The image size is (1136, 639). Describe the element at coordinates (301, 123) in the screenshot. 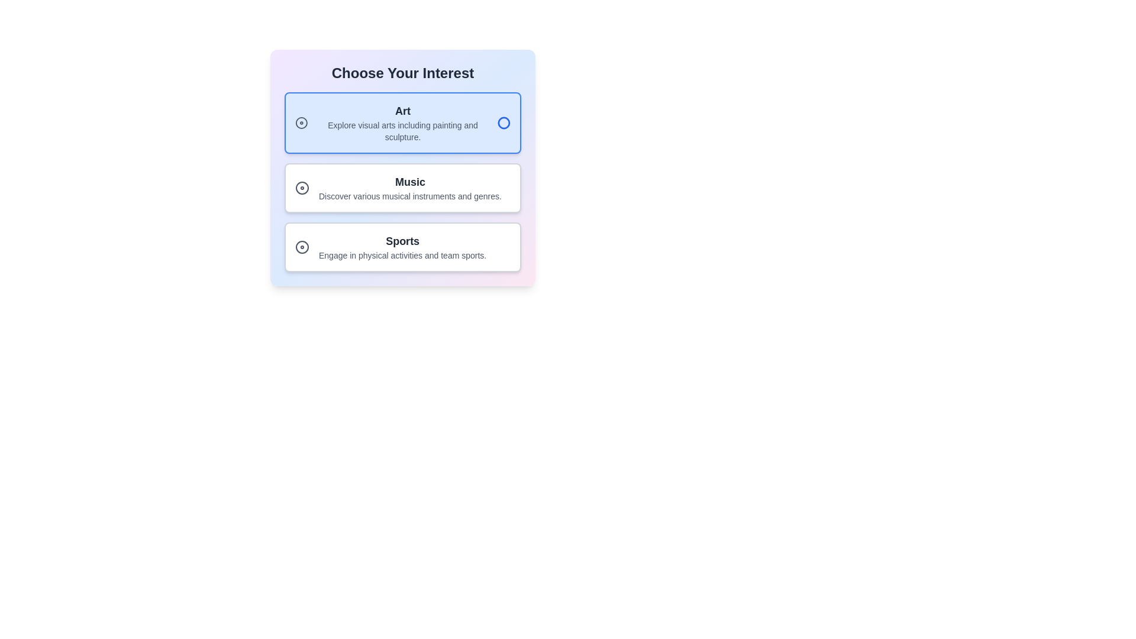

I see `the larger circle SVG element located to the left of the text 'Art' in the selectable box labeled 'Art'` at that location.